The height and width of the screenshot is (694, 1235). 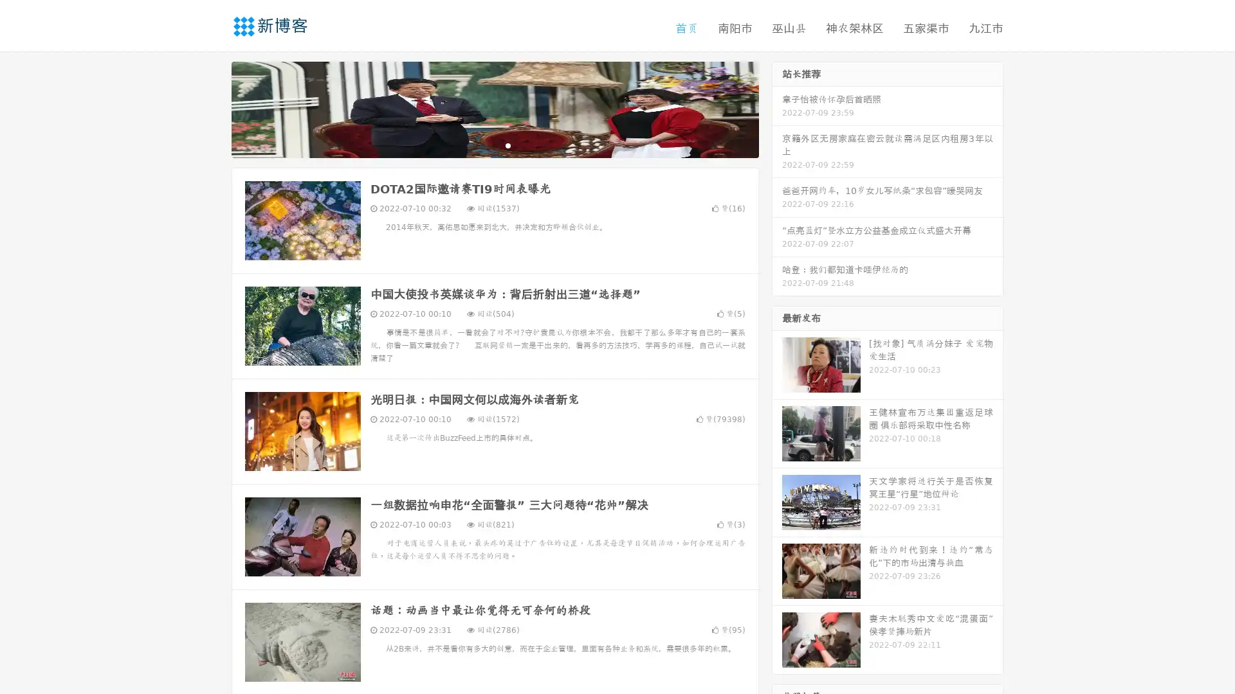 What do you see at coordinates (481, 145) in the screenshot?
I see `Go to slide 1` at bounding box center [481, 145].